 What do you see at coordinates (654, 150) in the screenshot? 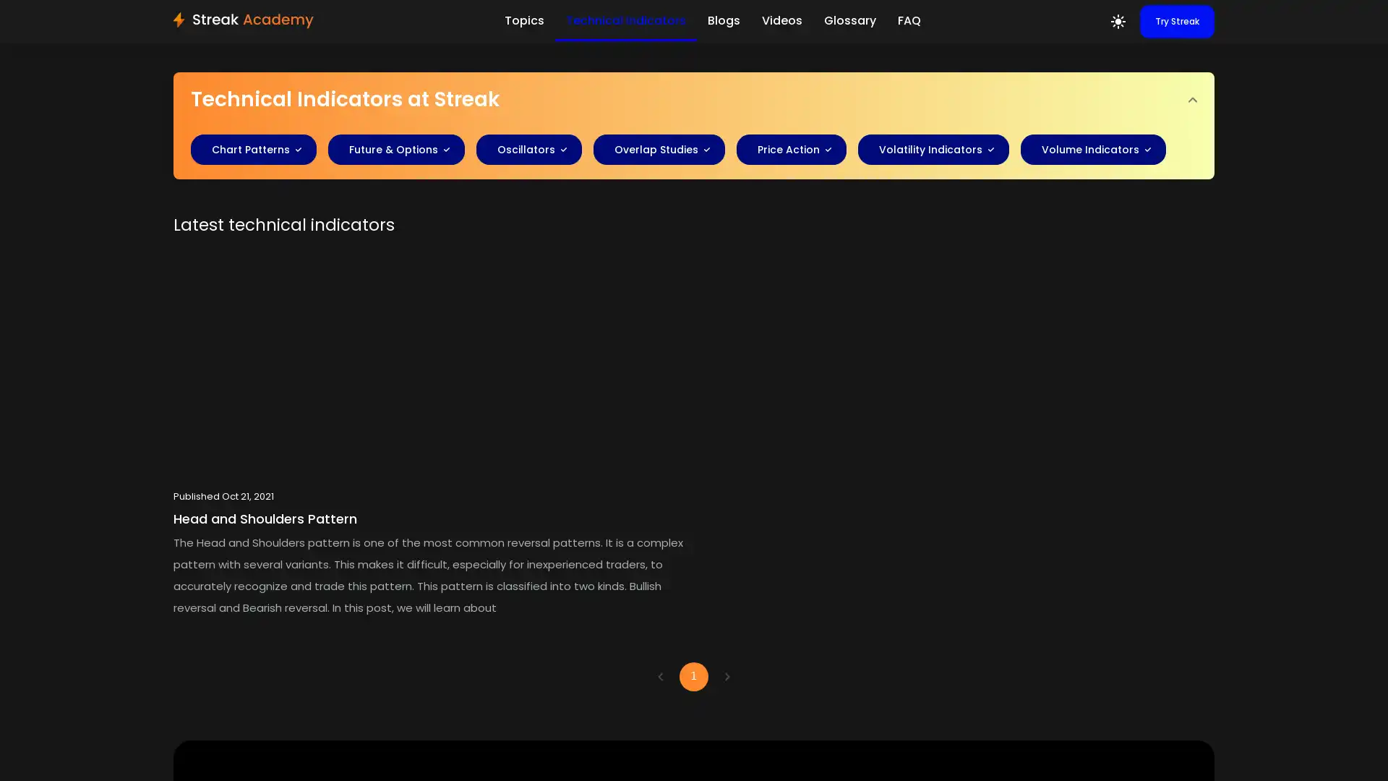
I see `Overlap Studies` at bounding box center [654, 150].